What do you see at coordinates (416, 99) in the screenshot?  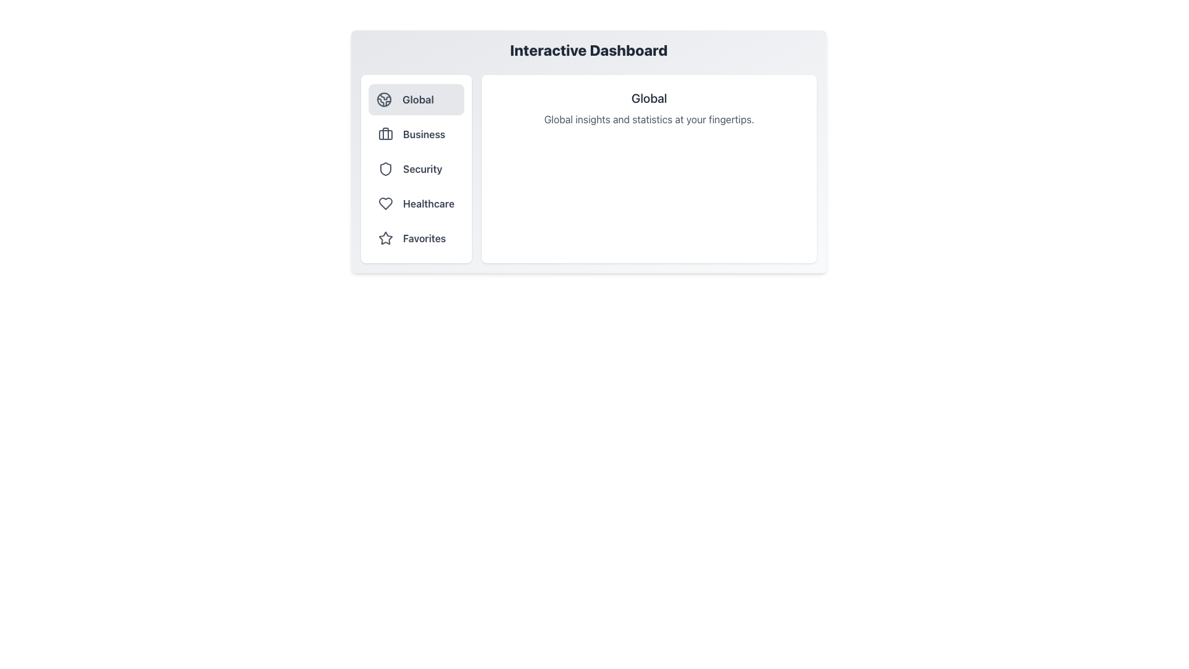 I see `the first navigation button in the side panel` at bounding box center [416, 99].